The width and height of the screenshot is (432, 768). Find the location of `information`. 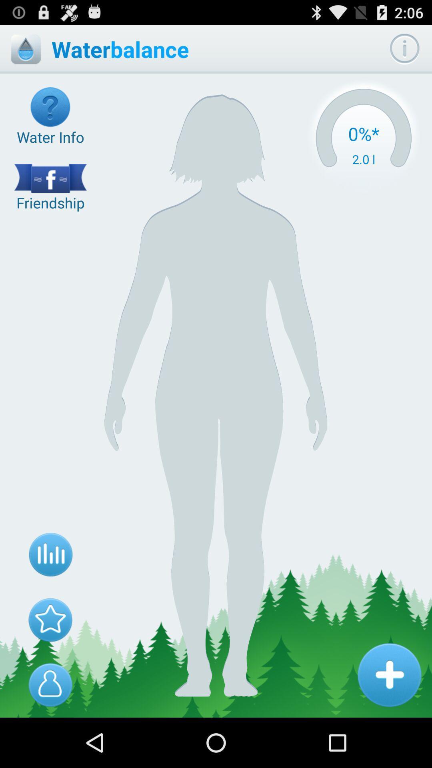

information is located at coordinates (404, 49).